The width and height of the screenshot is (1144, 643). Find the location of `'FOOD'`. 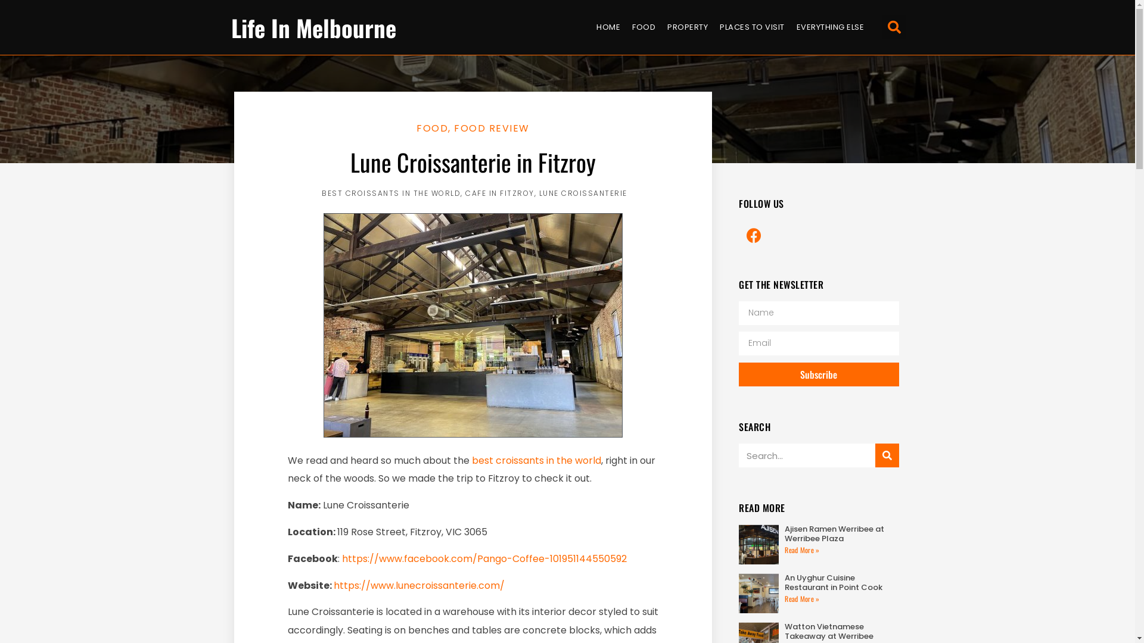

'FOOD' is located at coordinates (431, 128).